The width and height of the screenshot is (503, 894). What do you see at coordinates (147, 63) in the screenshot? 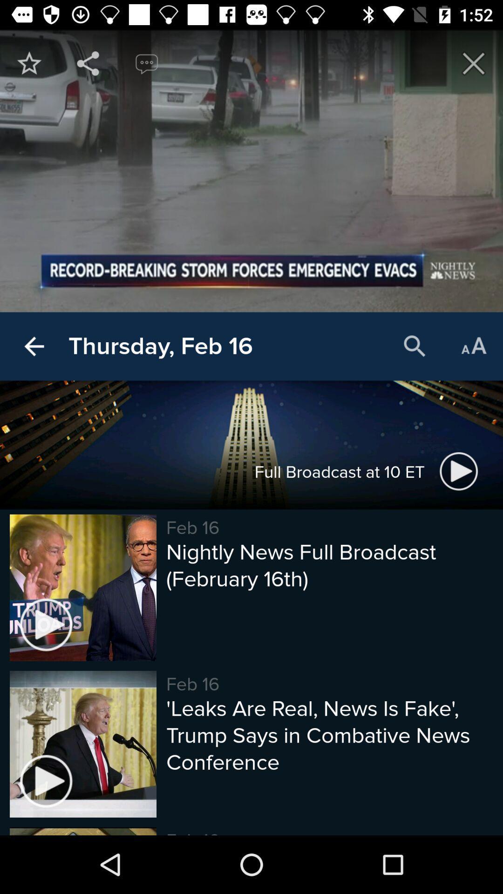
I see `the chat icon` at bounding box center [147, 63].